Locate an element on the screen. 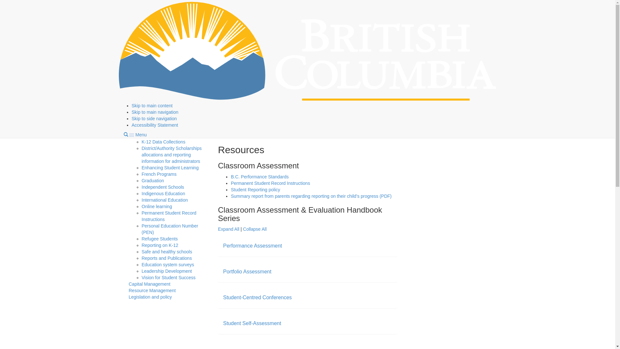 The height and width of the screenshot is (349, 620). 'Safe and healthy schools' is located at coordinates (166, 251).